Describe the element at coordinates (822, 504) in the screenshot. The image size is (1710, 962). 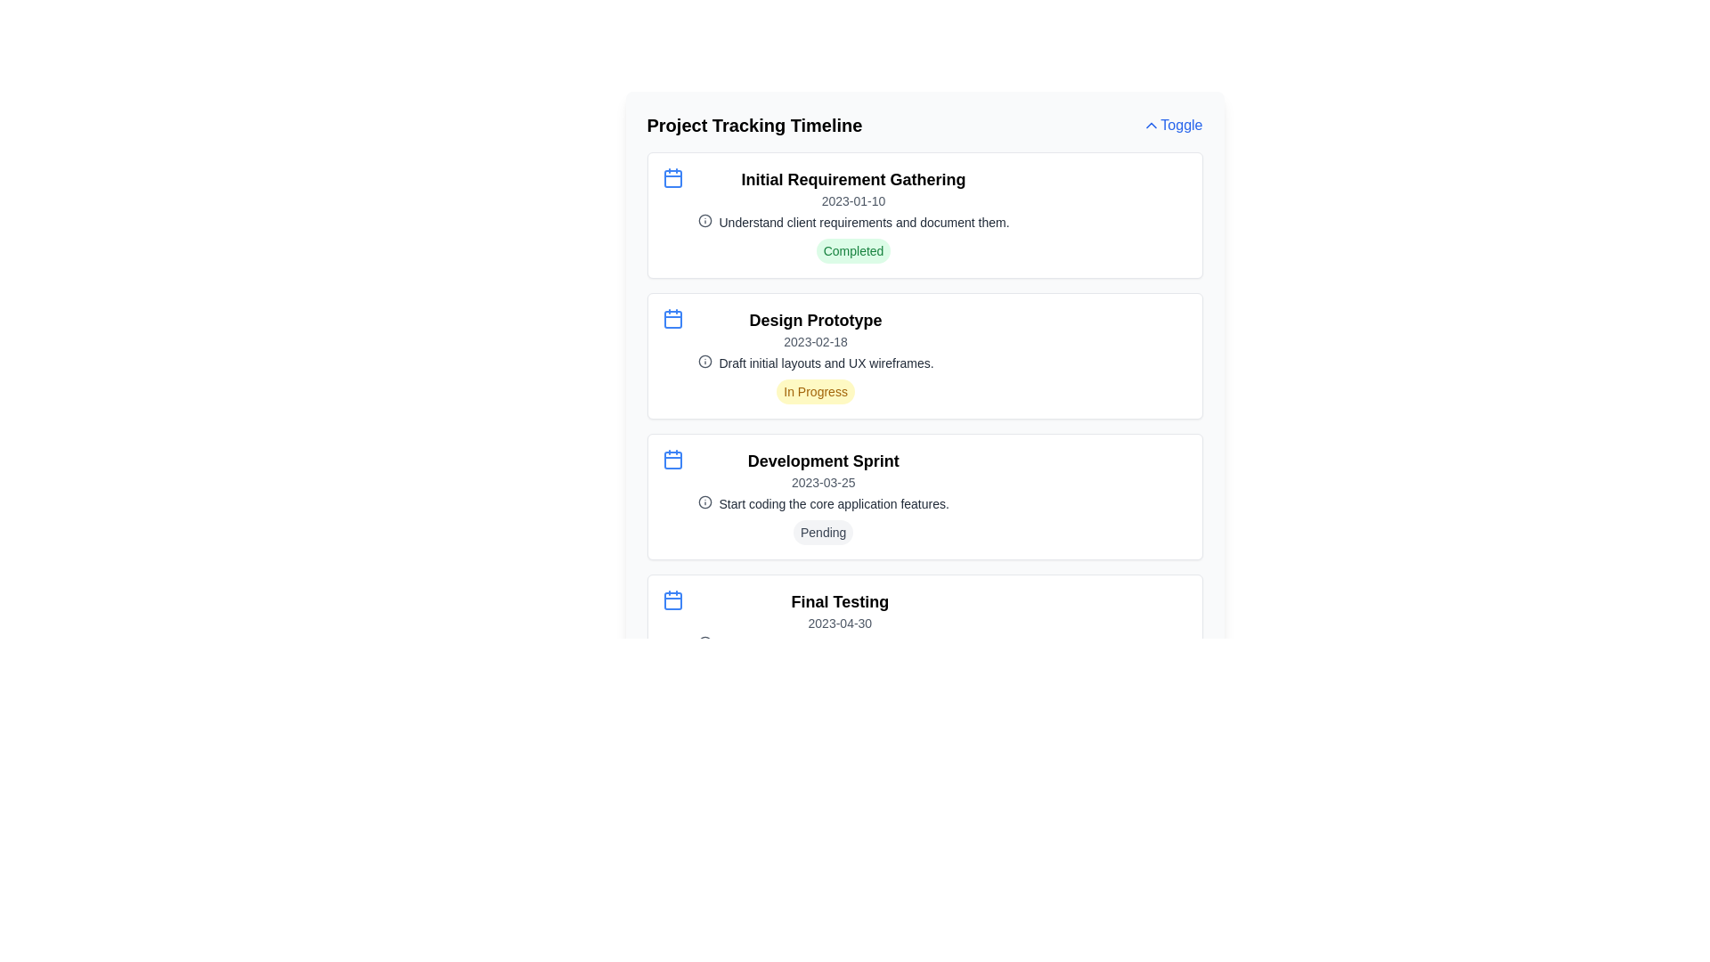
I see `the text element that provides a description or instruction related to the 'Development Sprint' task, located as the third item in a vertical list within the project tracking interface` at that location.